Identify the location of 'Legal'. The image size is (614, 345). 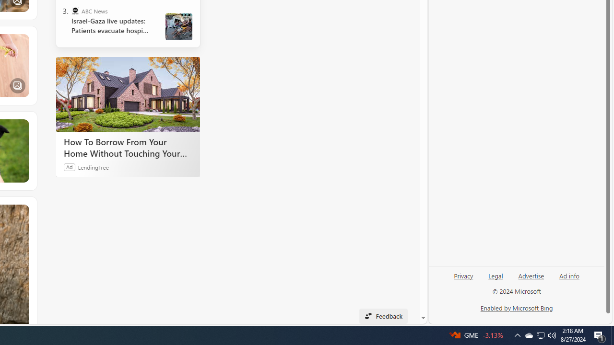
(496, 279).